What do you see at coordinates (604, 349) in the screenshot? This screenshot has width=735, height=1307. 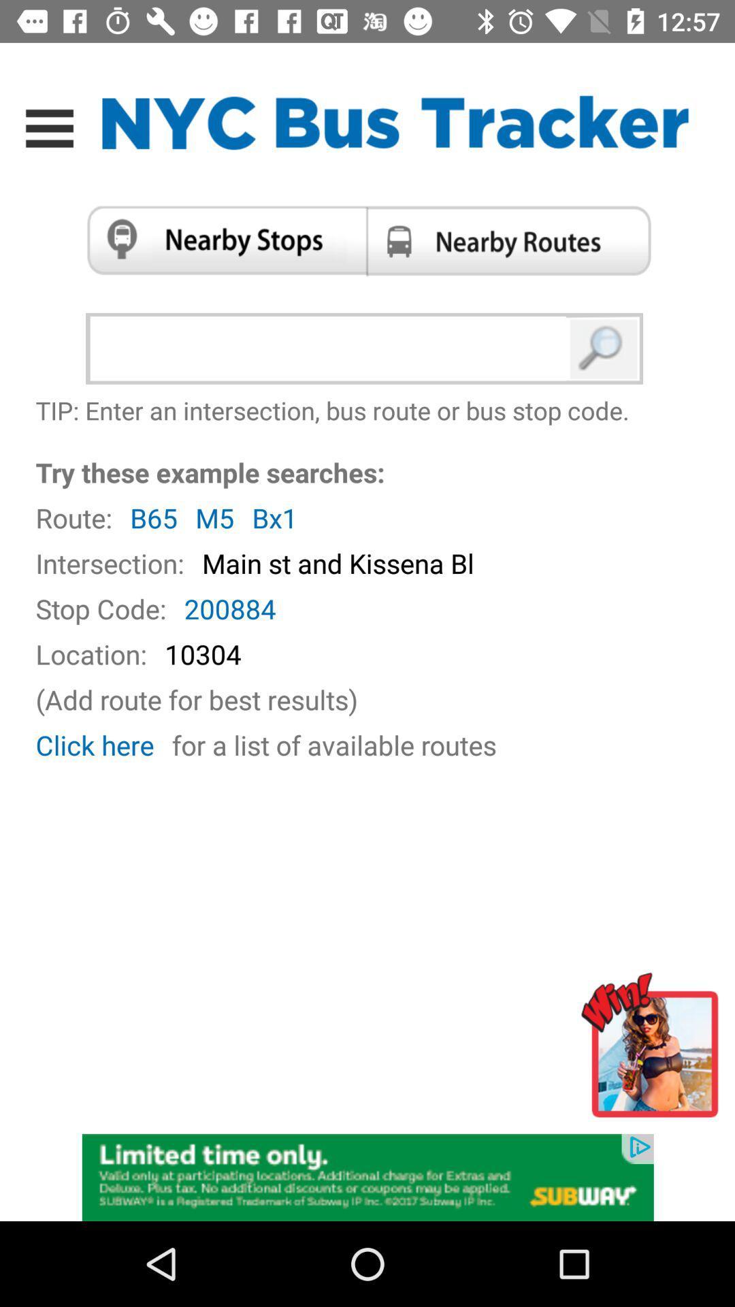 I see `search` at bounding box center [604, 349].